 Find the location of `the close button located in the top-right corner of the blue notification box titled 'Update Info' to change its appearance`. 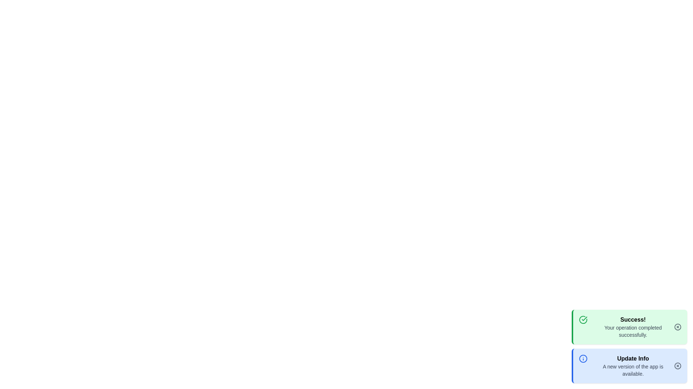

the close button located in the top-right corner of the blue notification box titled 'Update Info' to change its appearance is located at coordinates (677, 366).